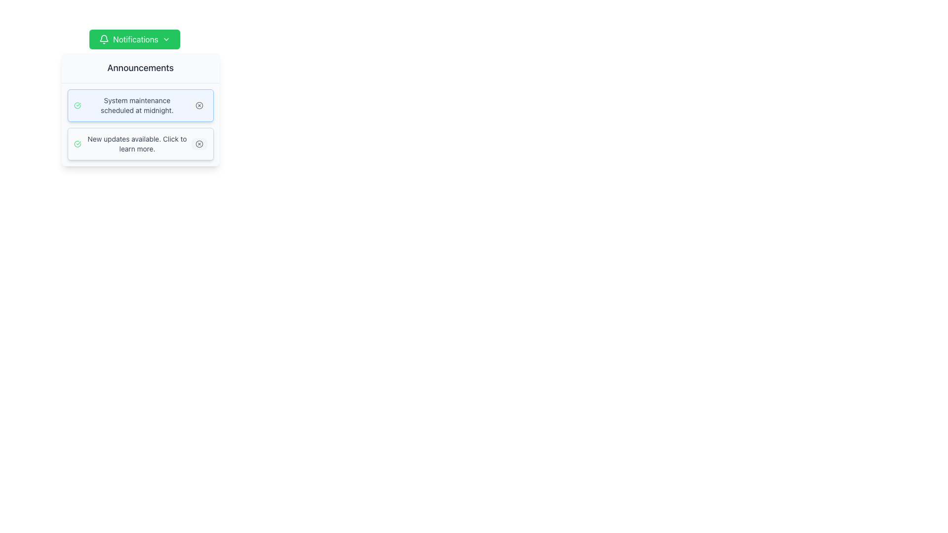 This screenshot has height=533, width=948. I want to click on accessibility features of the dismissal button located in the notification box under 'Announcements', which is positioned to the right of the text 'New updates available. Click to learn more.', so click(198, 144).